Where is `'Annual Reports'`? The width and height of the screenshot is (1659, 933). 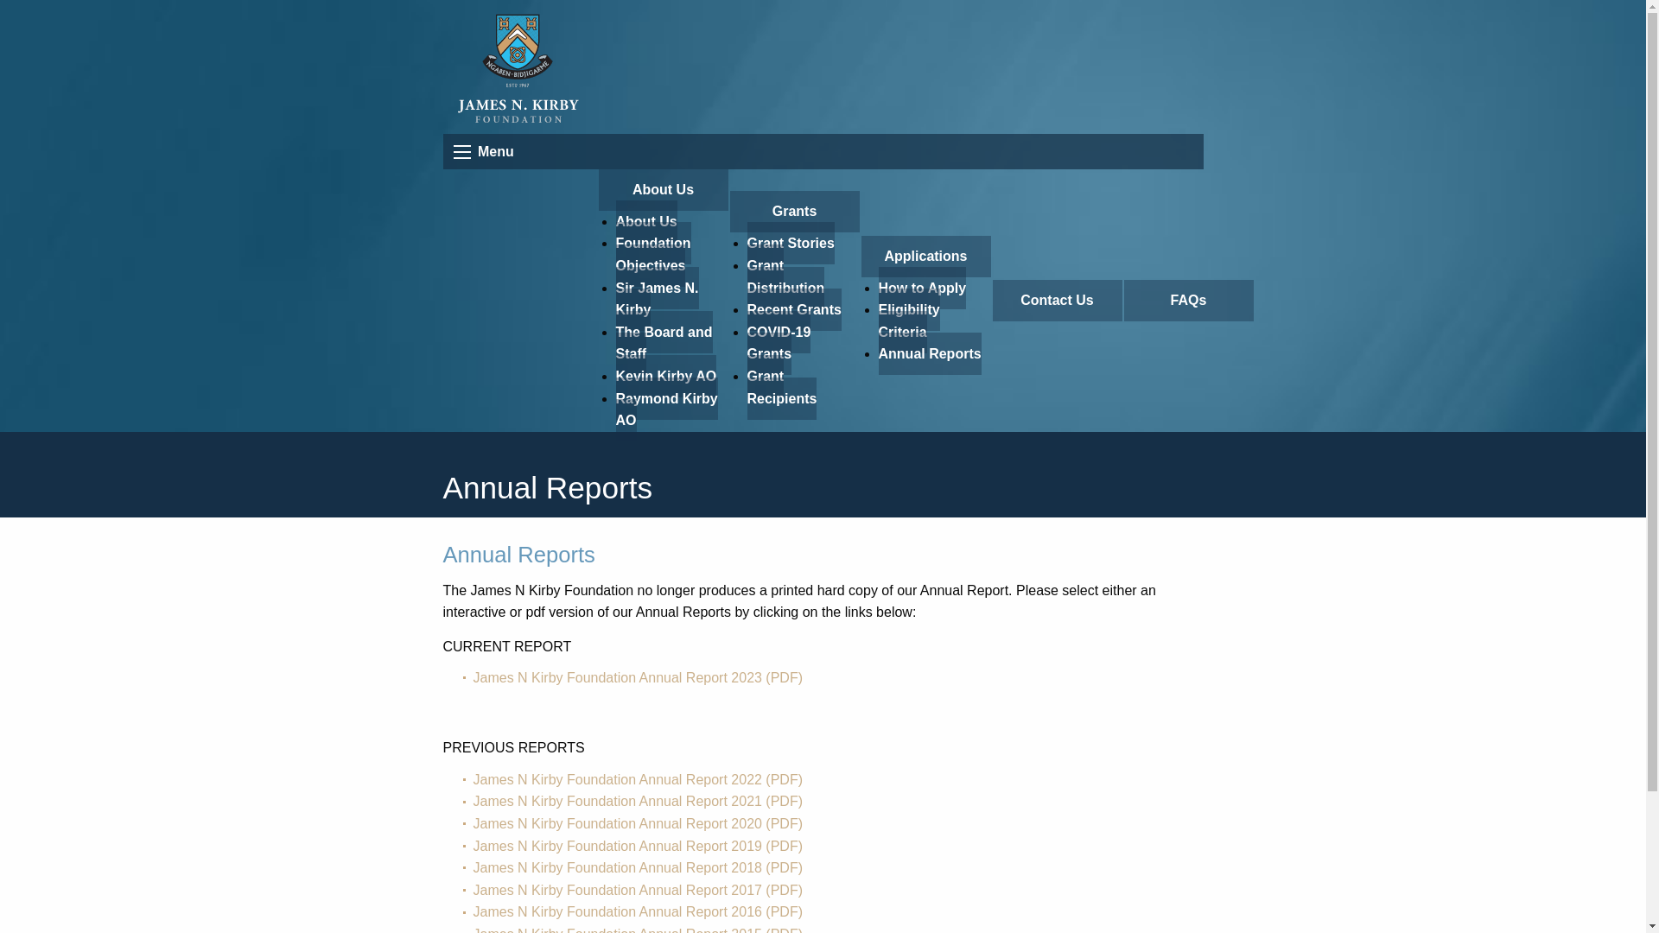 'Annual Reports' is located at coordinates (878, 352).